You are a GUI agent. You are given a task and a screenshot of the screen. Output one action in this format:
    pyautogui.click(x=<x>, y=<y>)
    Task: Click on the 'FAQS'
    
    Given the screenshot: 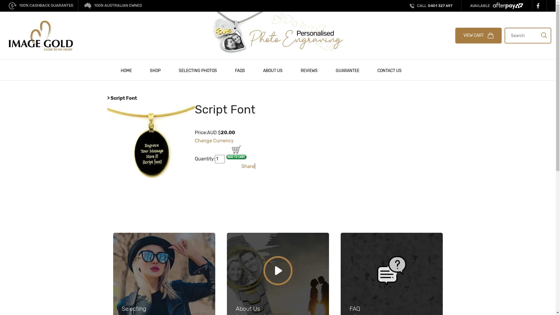 What is the action you would take?
    pyautogui.click(x=239, y=70)
    